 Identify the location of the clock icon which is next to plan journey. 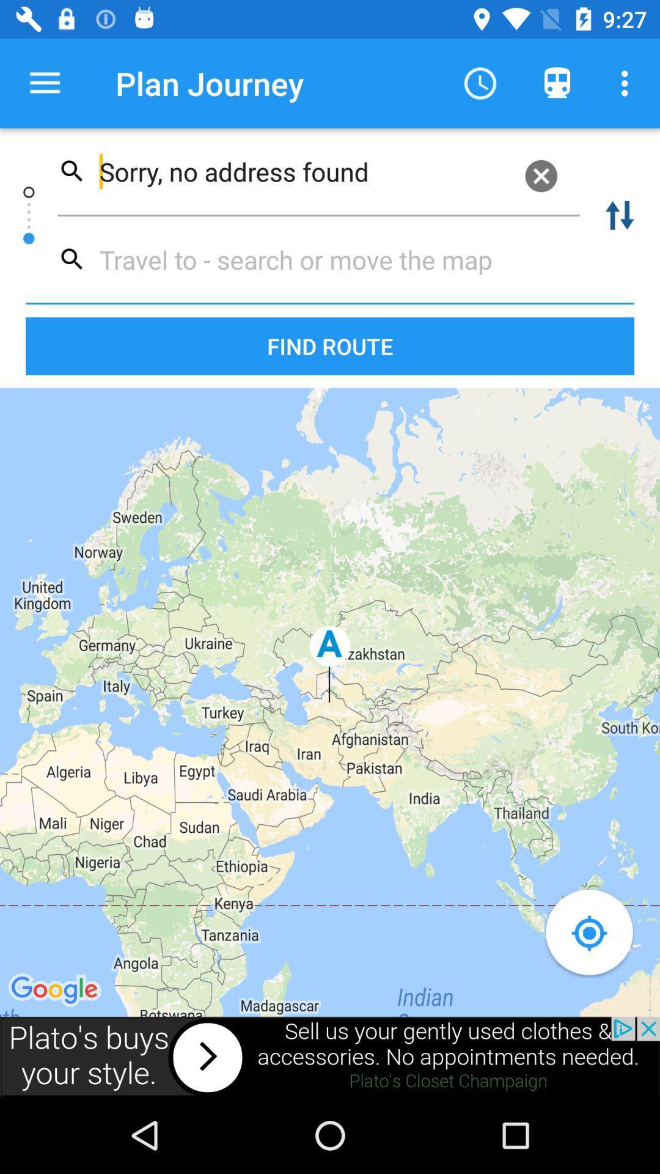
(480, 83).